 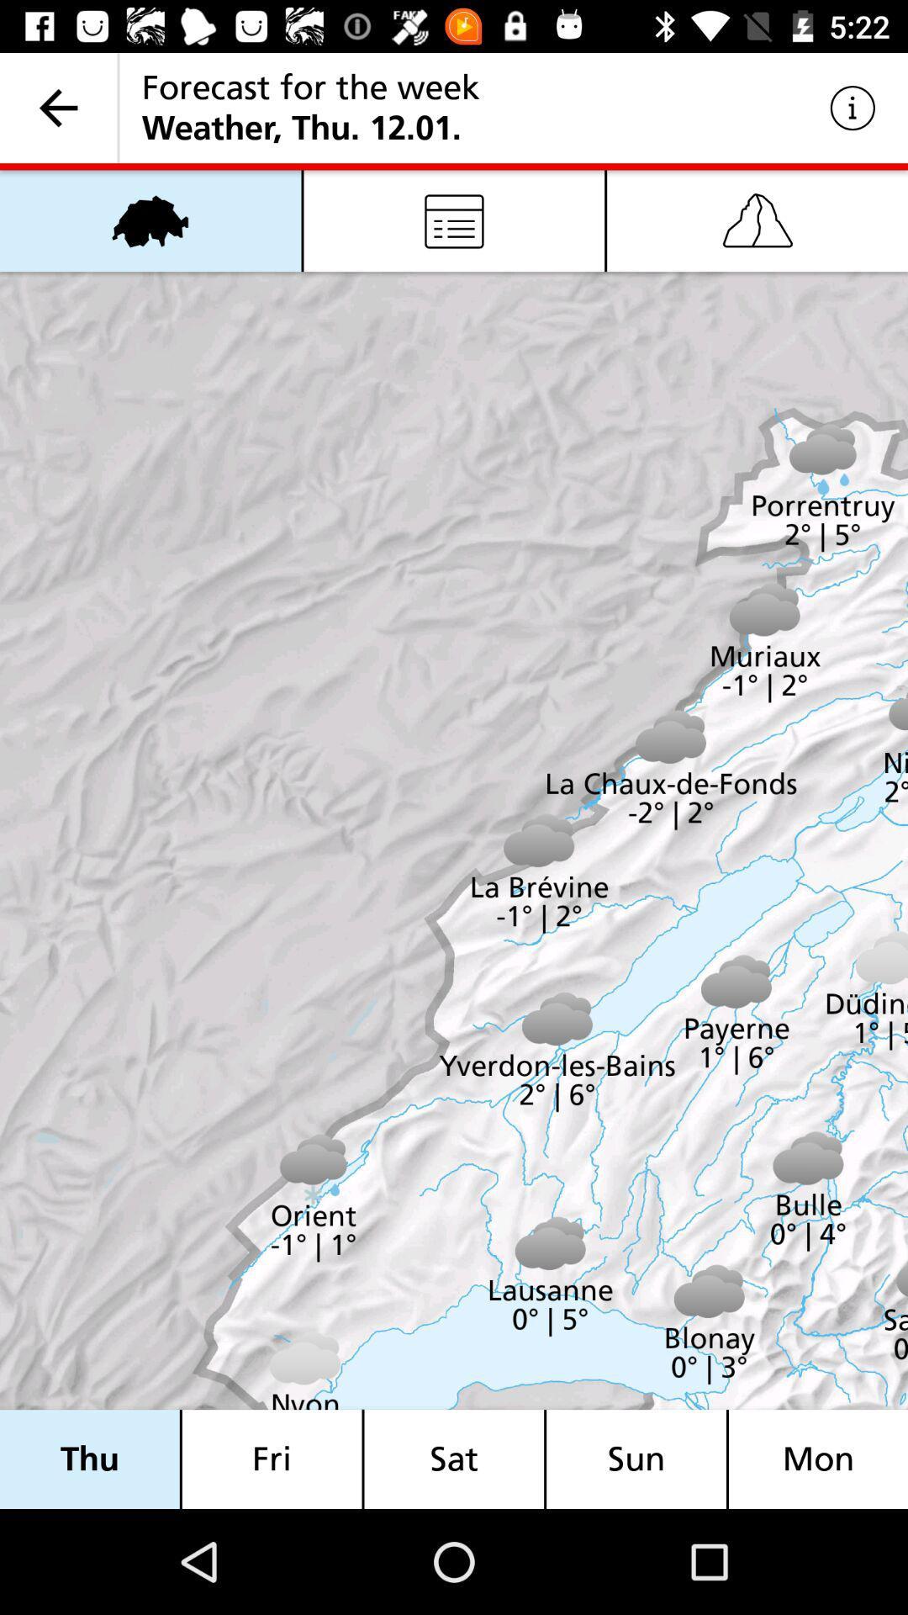 What do you see at coordinates (636, 1458) in the screenshot?
I see `tab name sun` at bounding box center [636, 1458].